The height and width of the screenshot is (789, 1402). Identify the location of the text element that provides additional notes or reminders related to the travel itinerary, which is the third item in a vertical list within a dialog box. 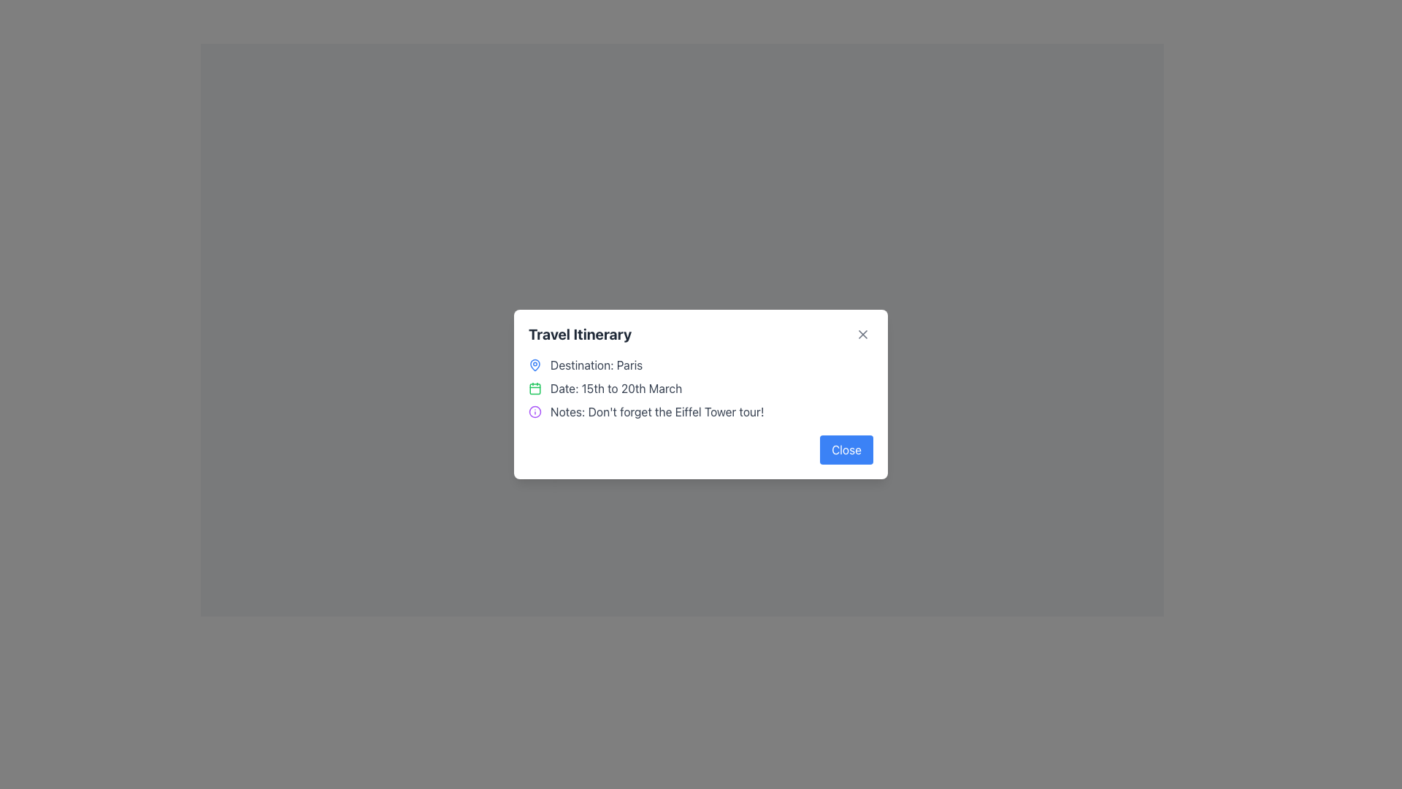
(701, 411).